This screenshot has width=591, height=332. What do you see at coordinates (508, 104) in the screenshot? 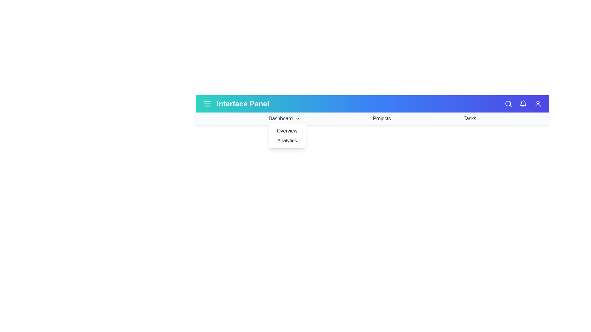
I see `the search icon in the app bar` at bounding box center [508, 104].